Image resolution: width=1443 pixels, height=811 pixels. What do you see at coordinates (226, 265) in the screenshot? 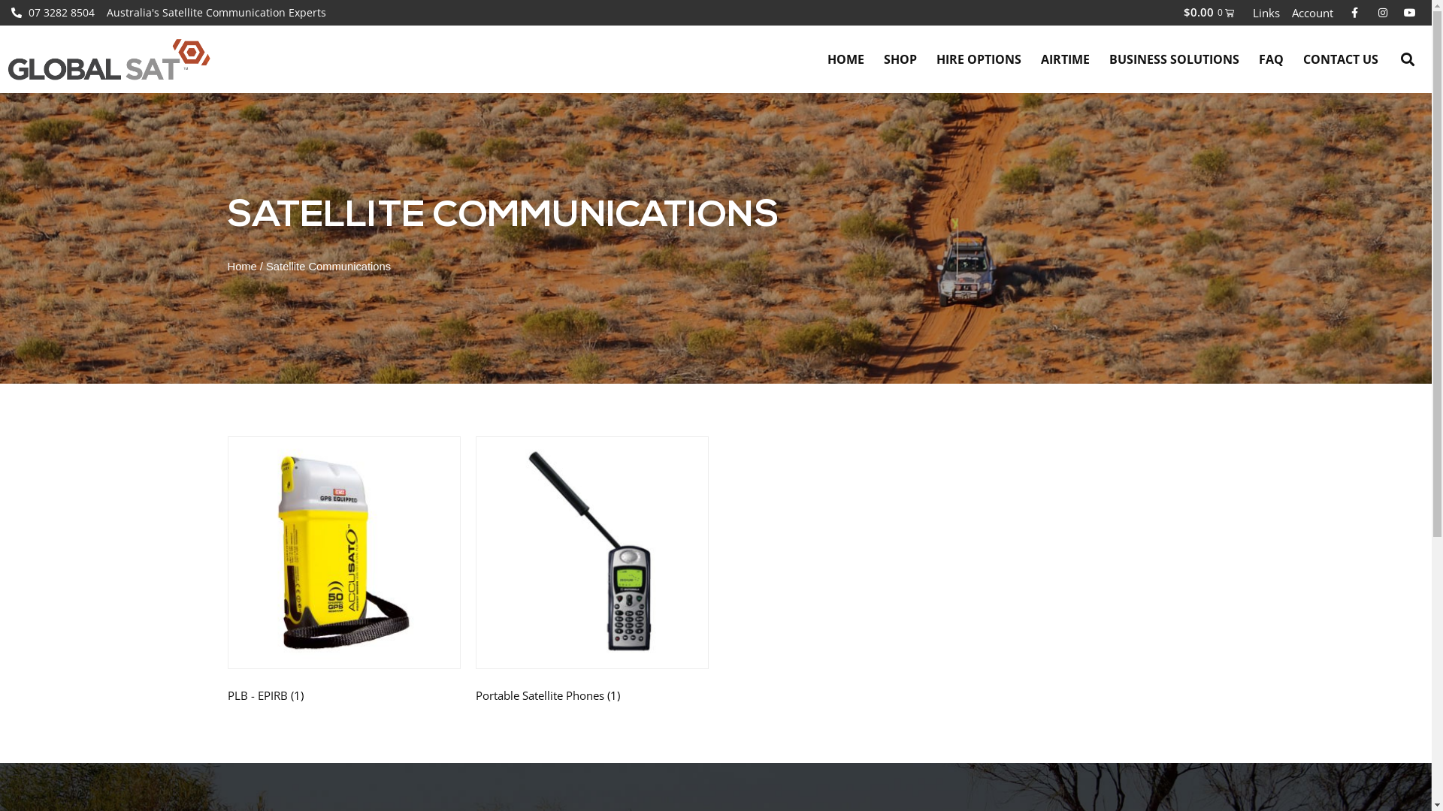
I see `'Home'` at bounding box center [226, 265].